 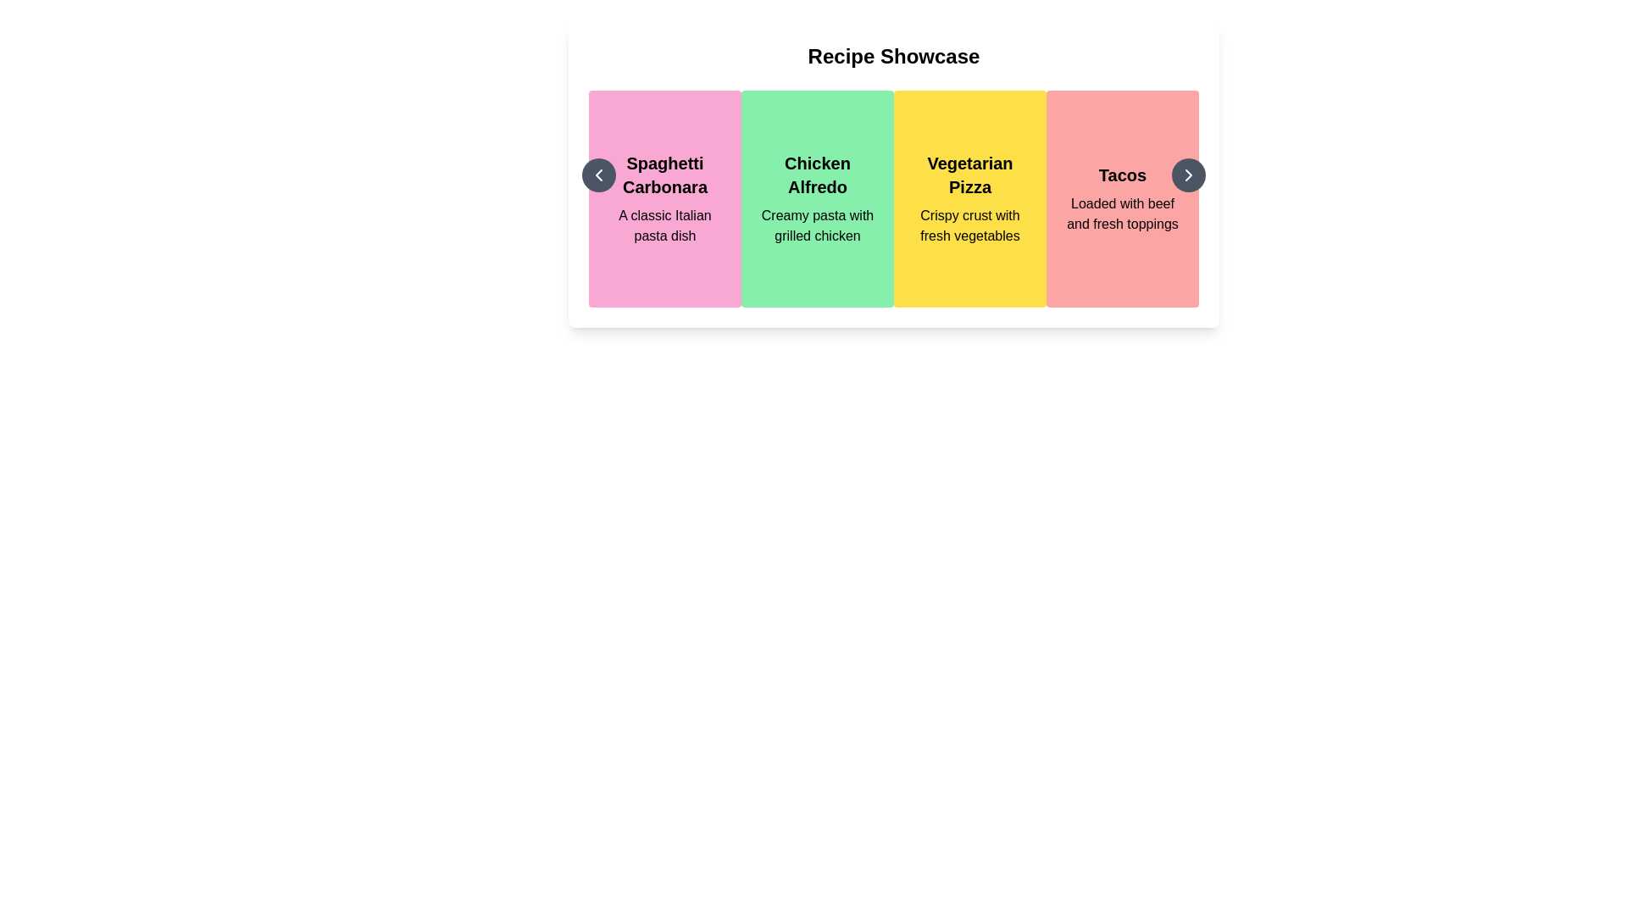 What do you see at coordinates (598, 175) in the screenshot?
I see `the leftward-facing chevron icon button, which is styled with a rounded black background` at bounding box center [598, 175].